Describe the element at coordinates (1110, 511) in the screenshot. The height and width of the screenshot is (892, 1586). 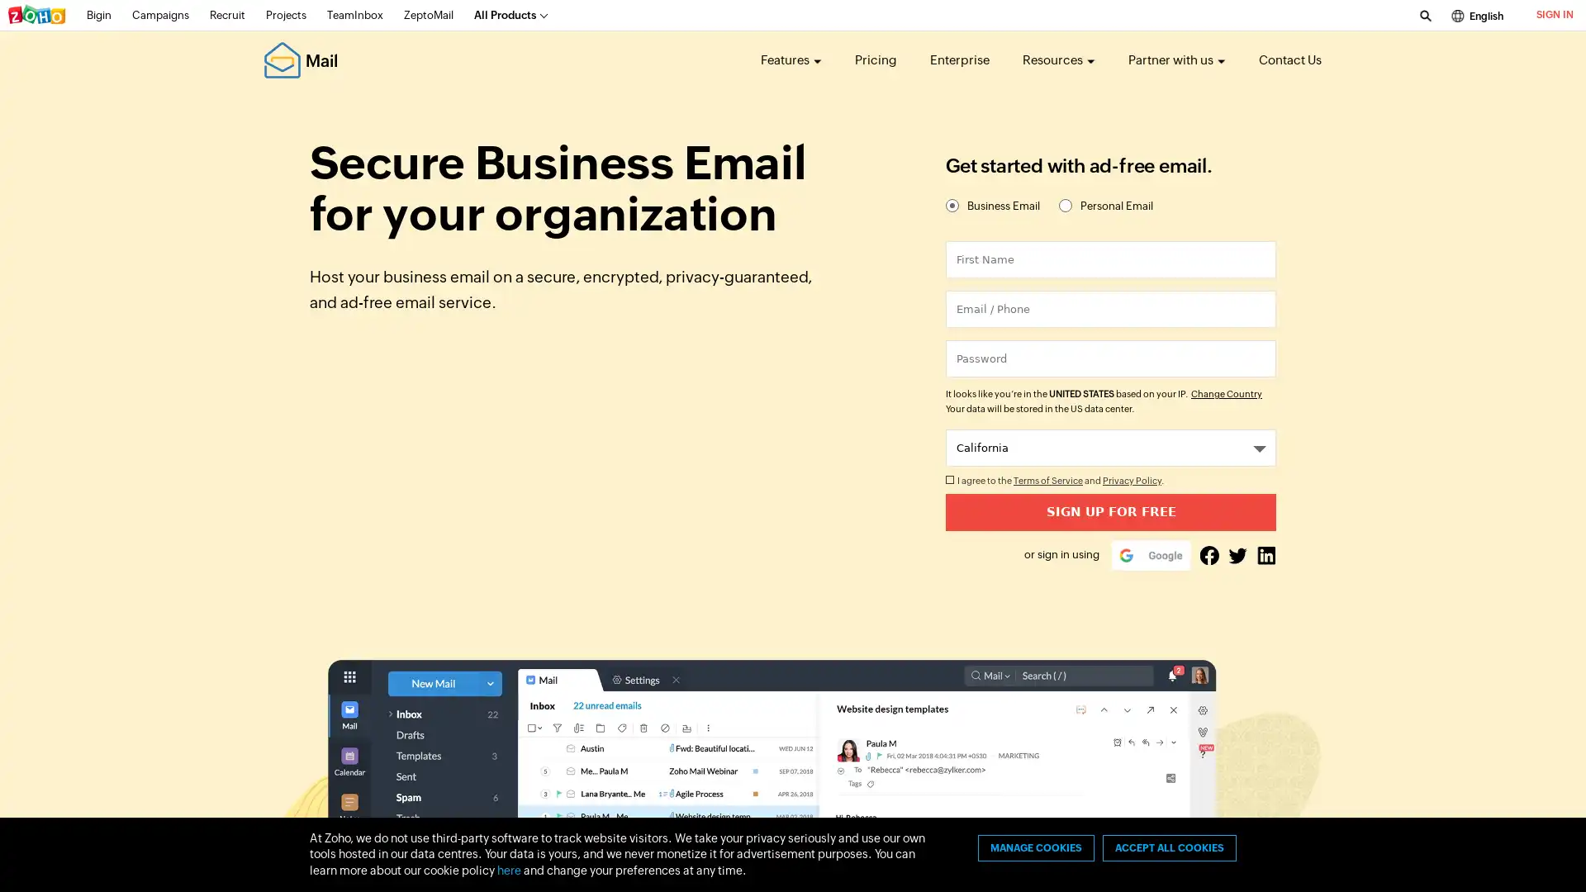
I see `Sign Up for Free` at that location.